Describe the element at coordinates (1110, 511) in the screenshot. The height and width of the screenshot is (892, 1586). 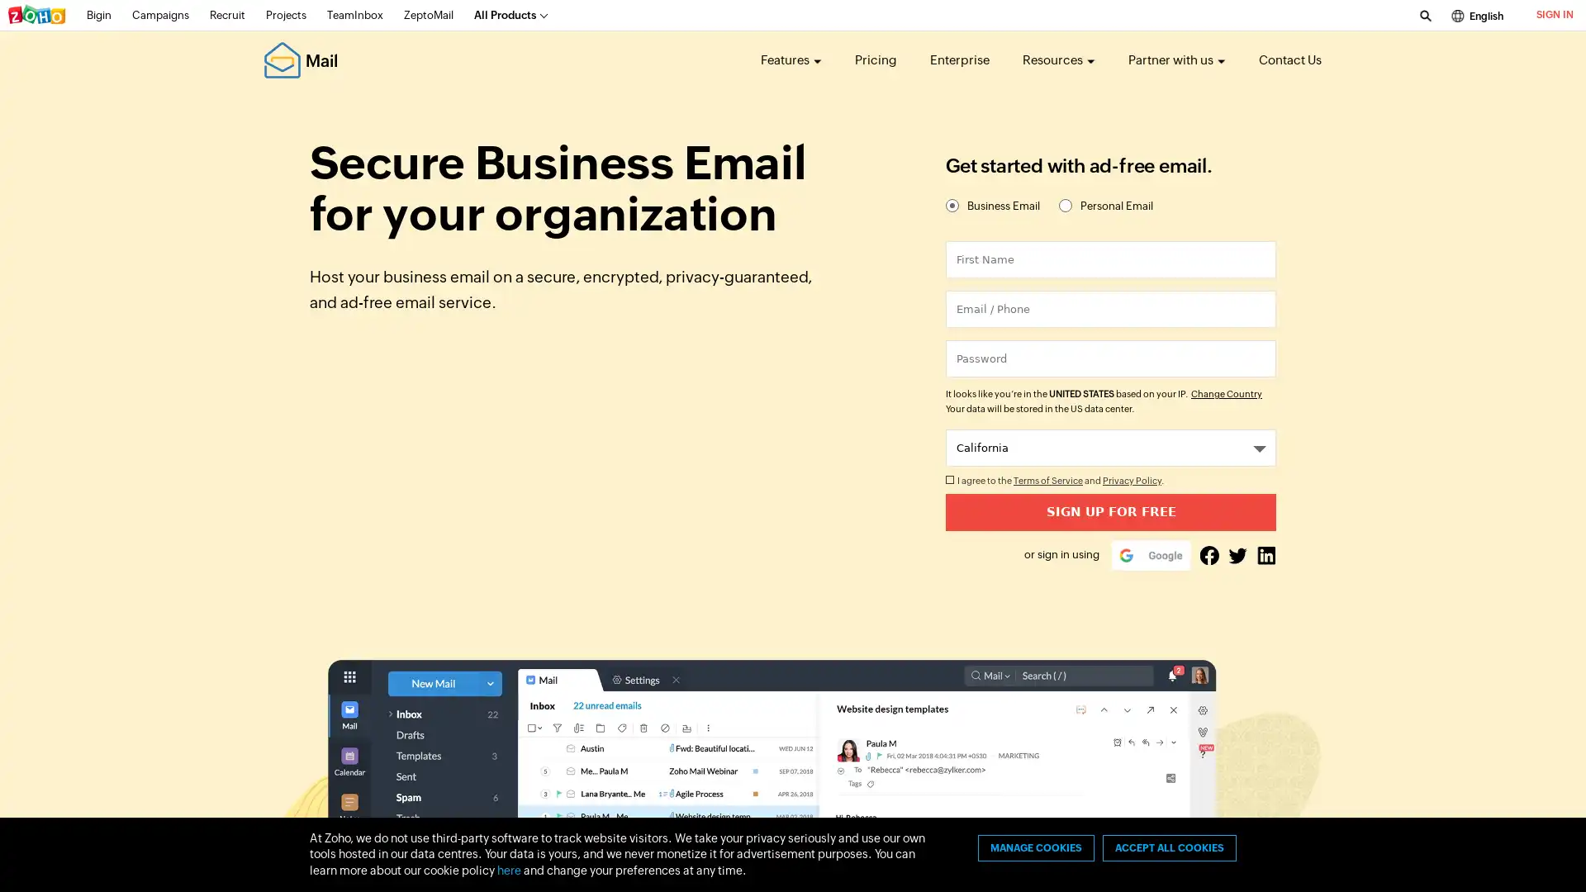
I see `Sign Up for Free` at that location.